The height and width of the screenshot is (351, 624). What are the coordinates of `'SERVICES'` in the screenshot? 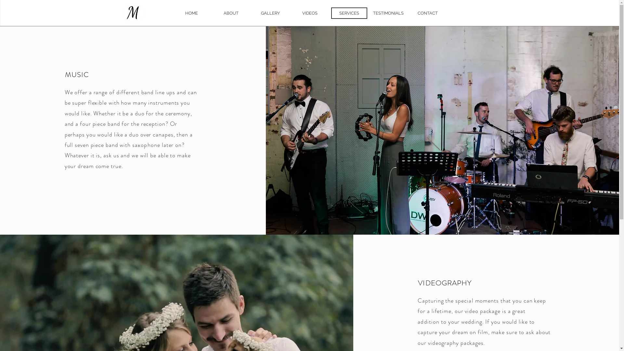 It's located at (348, 13).